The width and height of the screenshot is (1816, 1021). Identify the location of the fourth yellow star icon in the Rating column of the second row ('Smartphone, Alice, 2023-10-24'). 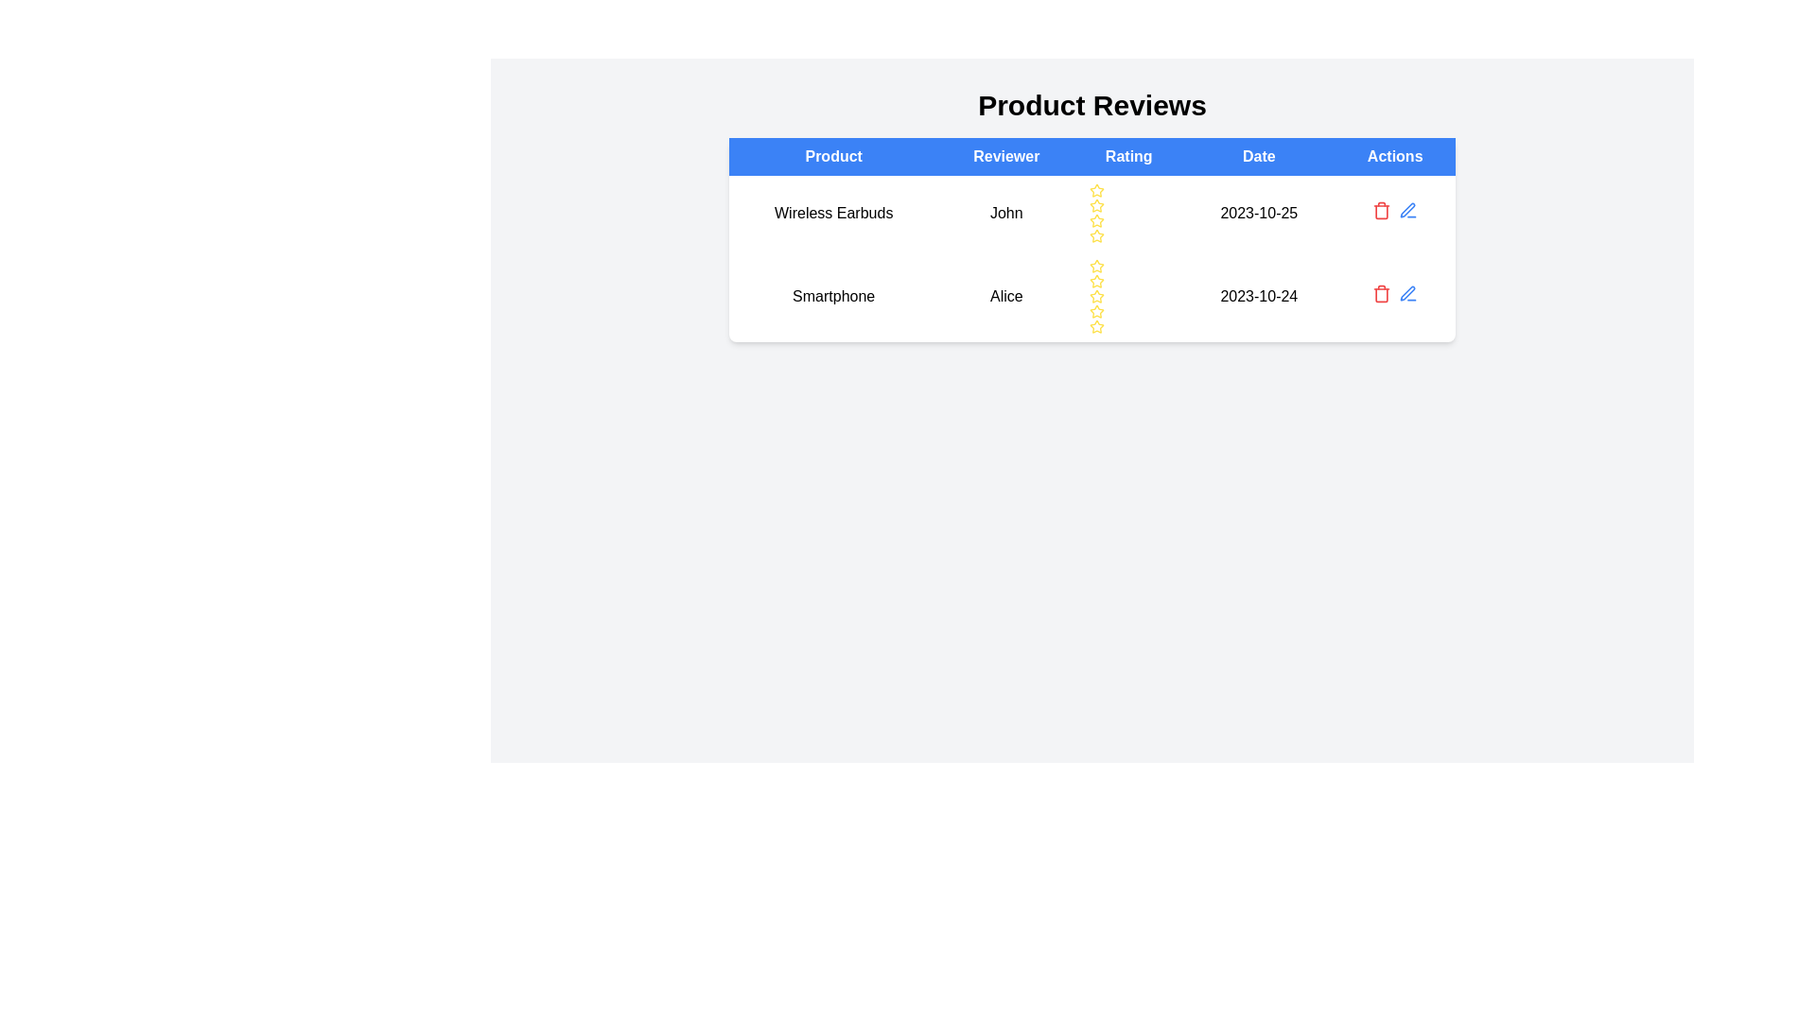
(1097, 266).